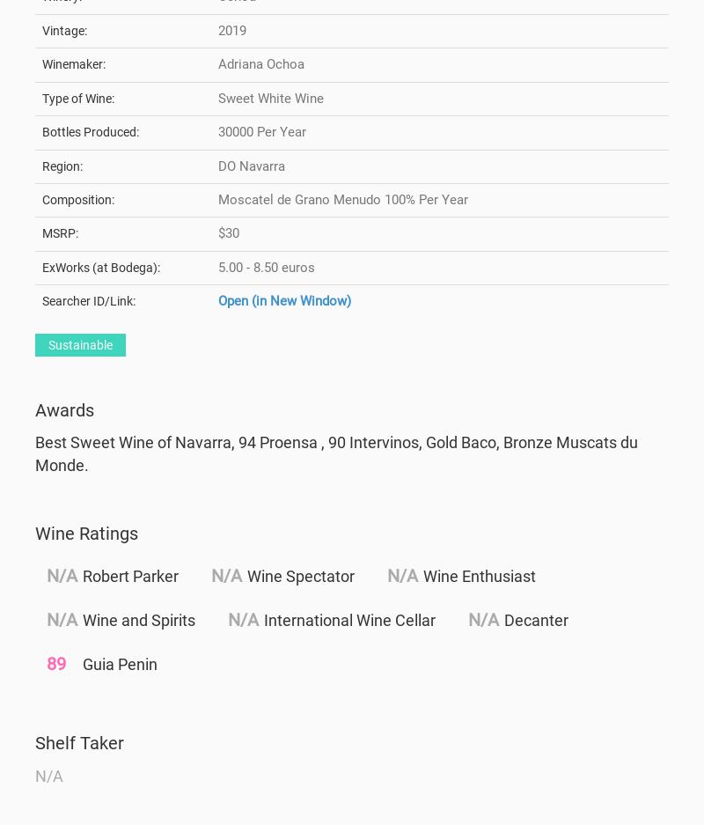 The height and width of the screenshot is (825, 704). Describe the element at coordinates (217, 63) in the screenshot. I see `'Adriana Ochoa'` at that location.